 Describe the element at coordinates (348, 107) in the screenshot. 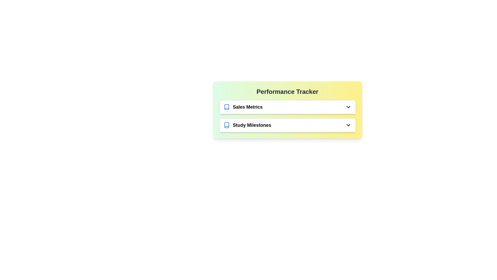

I see `the icon for Sales Metrics to toggle its expansion state` at that location.